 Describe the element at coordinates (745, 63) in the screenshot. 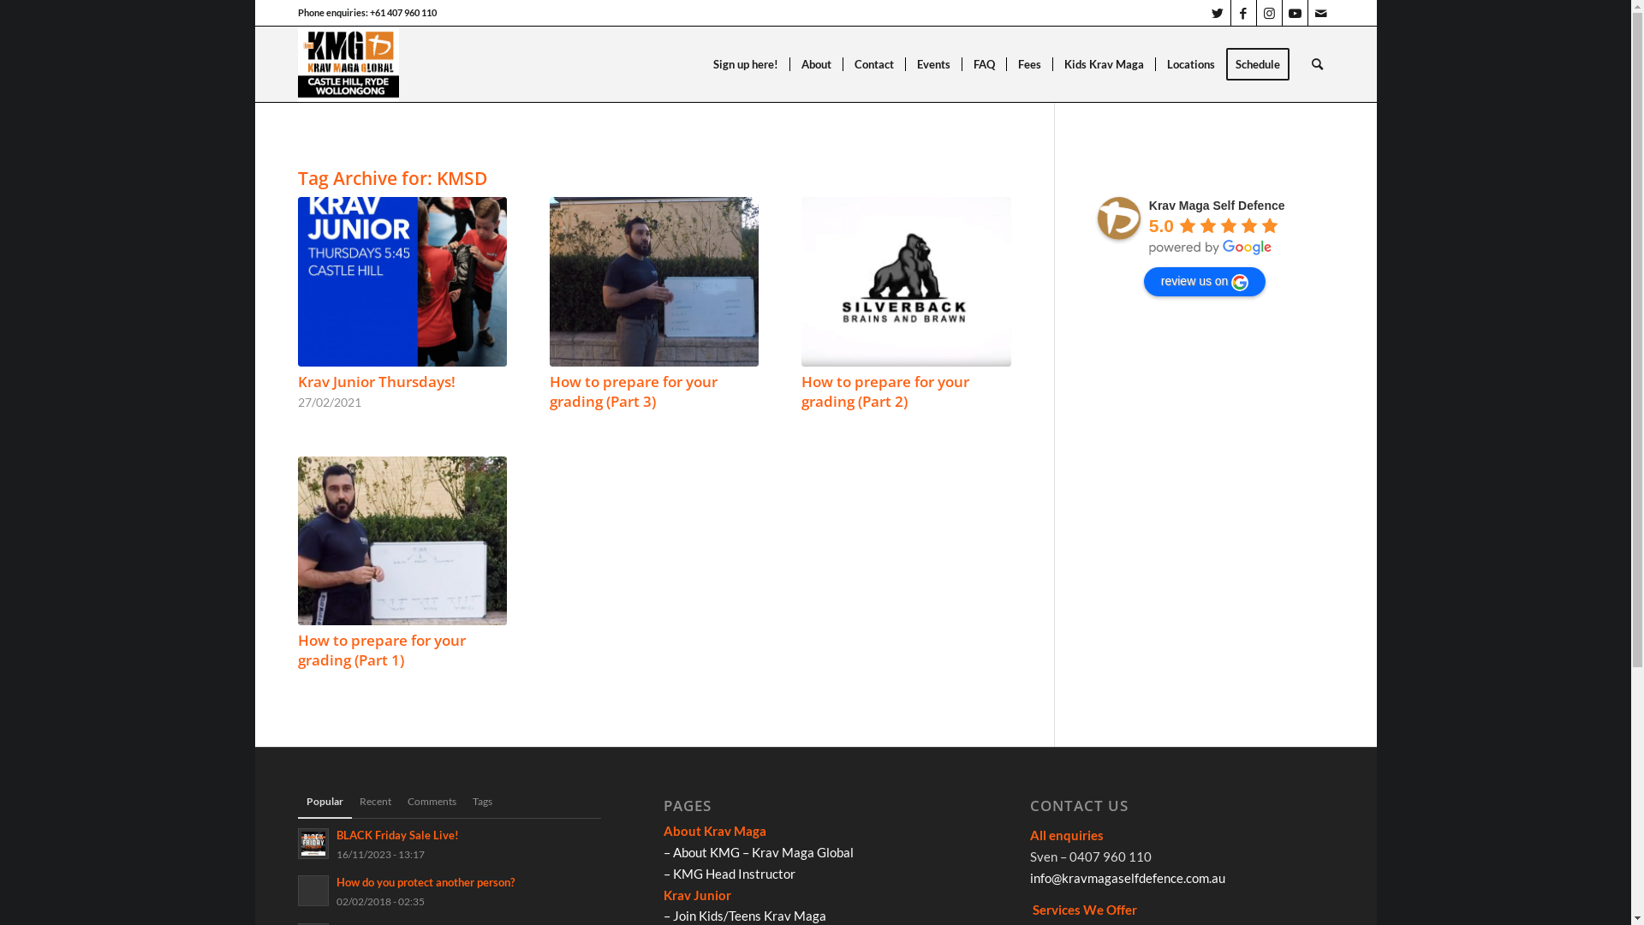

I see `'Sign up here!'` at that location.